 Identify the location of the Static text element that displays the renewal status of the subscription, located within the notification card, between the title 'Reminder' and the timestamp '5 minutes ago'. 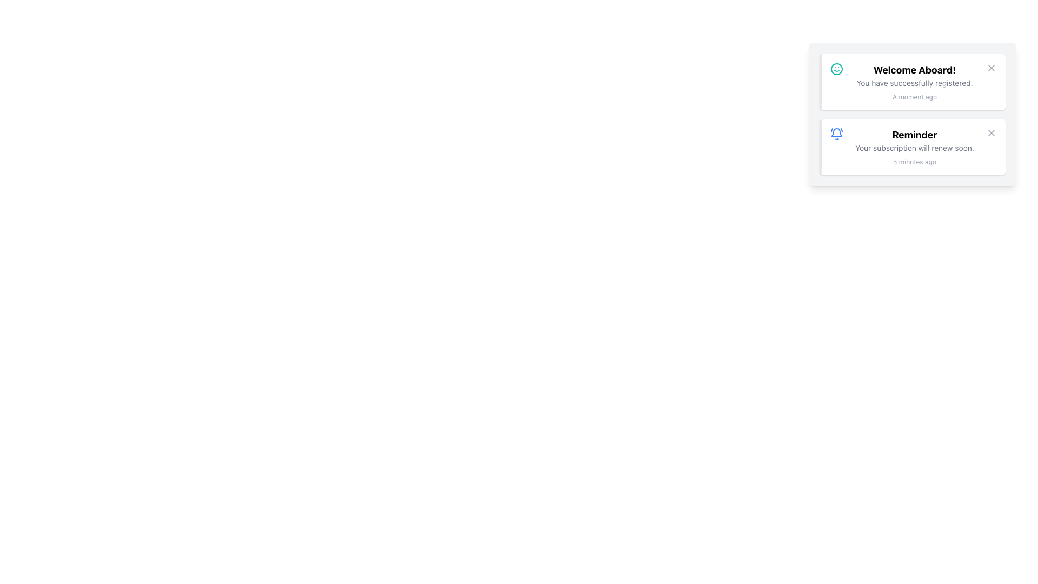
(914, 148).